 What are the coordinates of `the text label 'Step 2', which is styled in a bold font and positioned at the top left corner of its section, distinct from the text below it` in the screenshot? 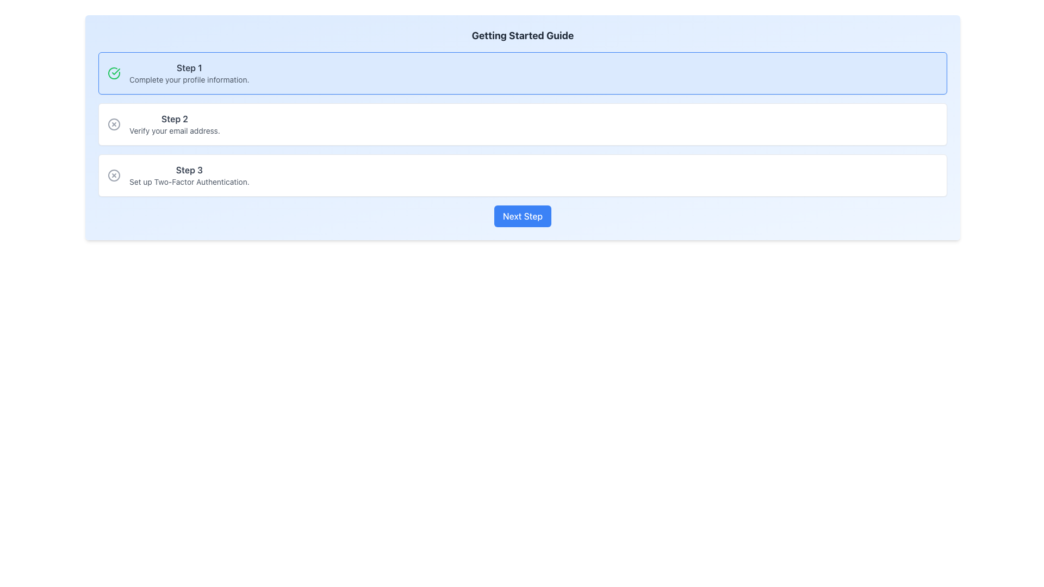 It's located at (175, 119).